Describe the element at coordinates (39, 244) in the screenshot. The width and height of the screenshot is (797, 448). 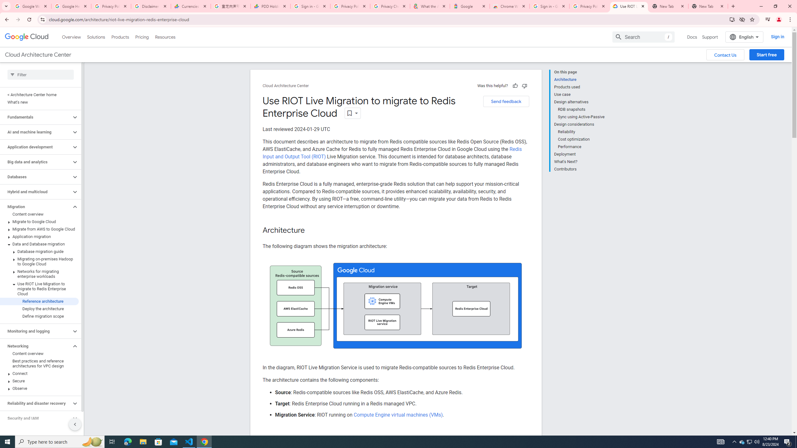
I see `'Data and Database migration'` at that location.